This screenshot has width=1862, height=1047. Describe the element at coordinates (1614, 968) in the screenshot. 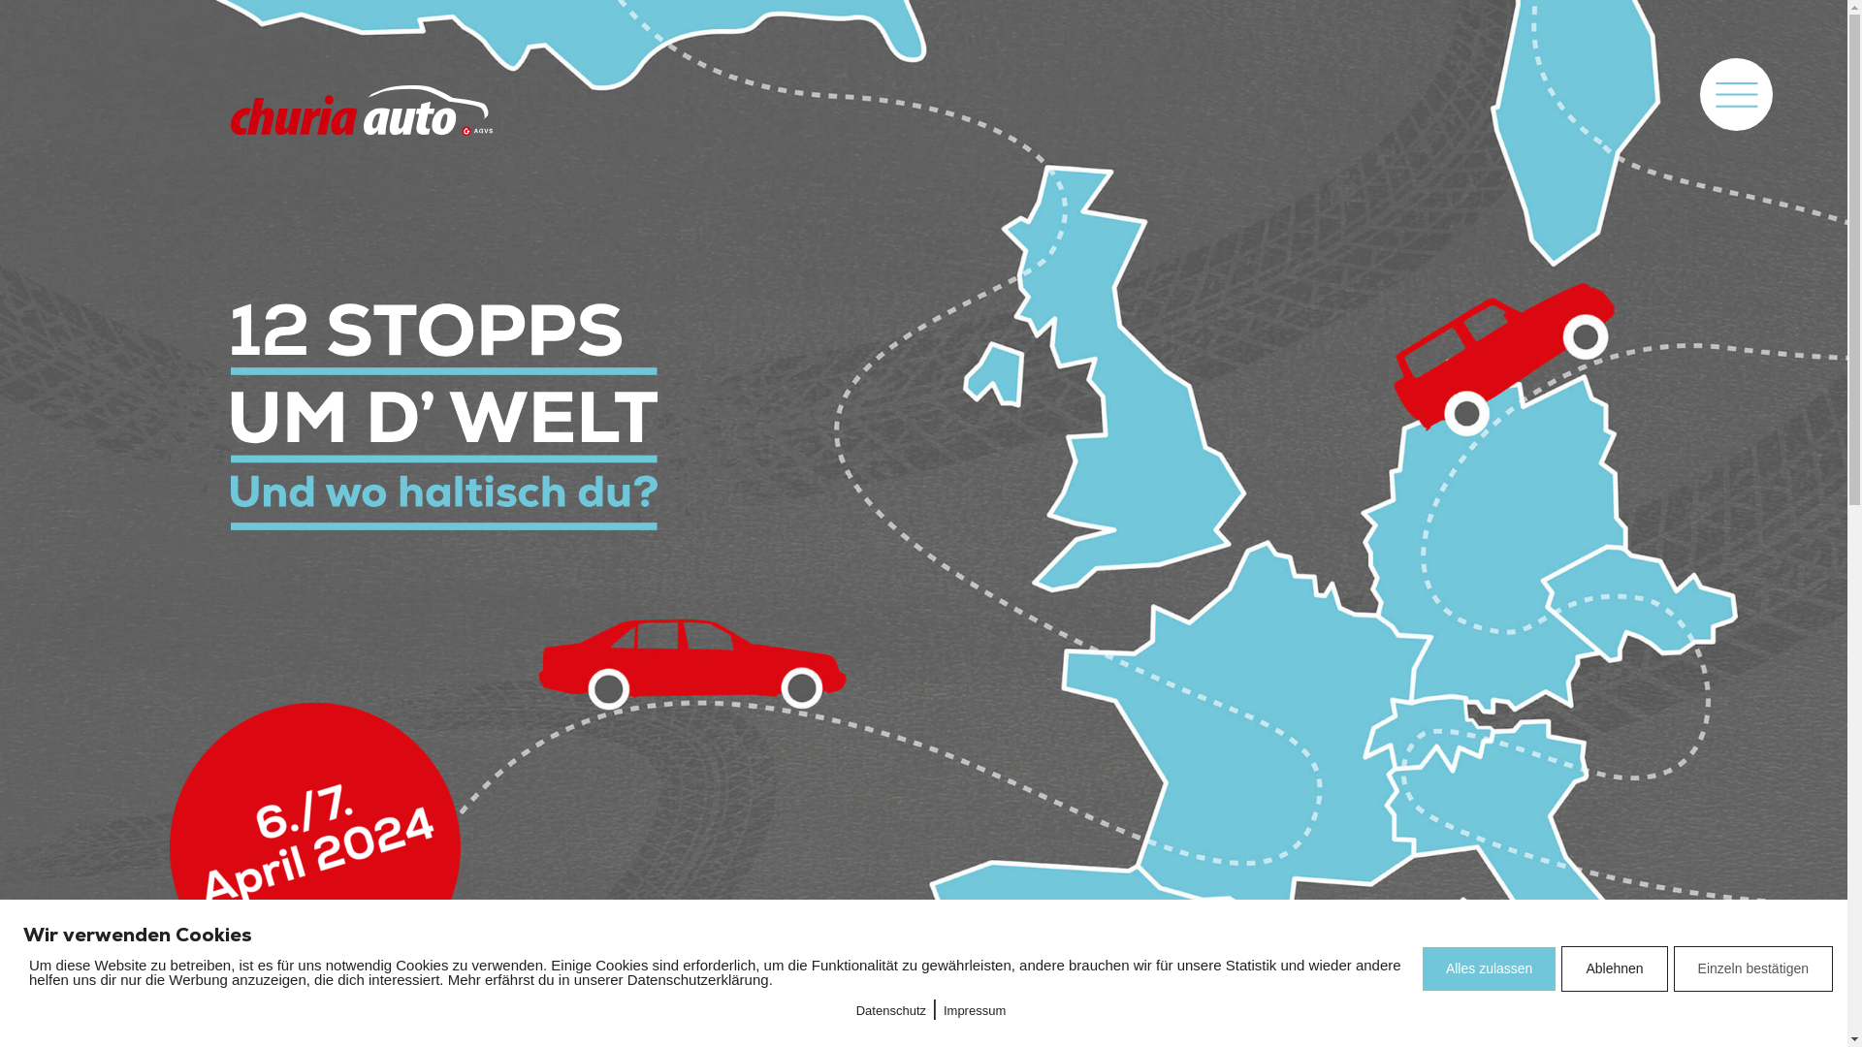

I see `'Ablehnen'` at that location.